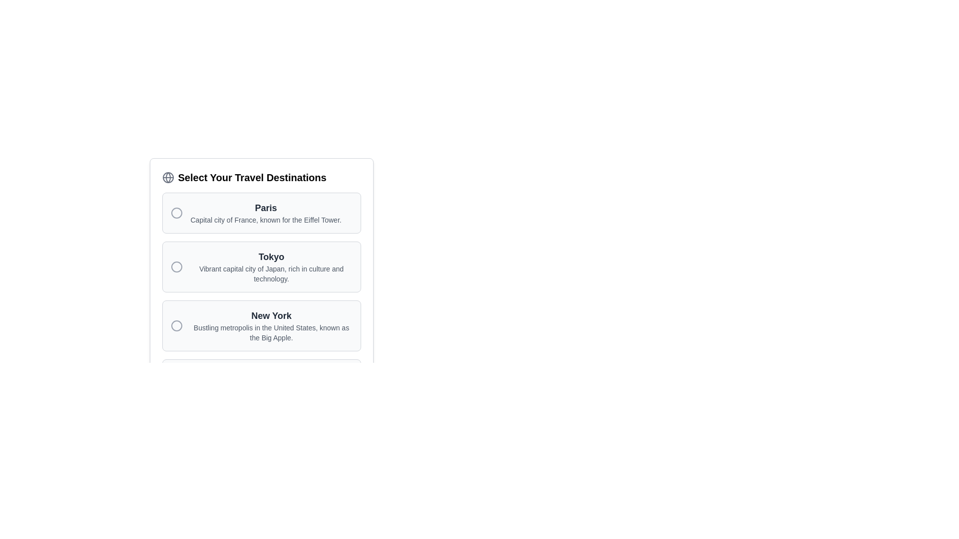  Describe the element at coordinates (168, 177) in the screenshot. I see `the globe icon representing the header's theme for global travel and destinations, located at the beginning of the header section titled 'Select Your Travel Destinations'` at that location.